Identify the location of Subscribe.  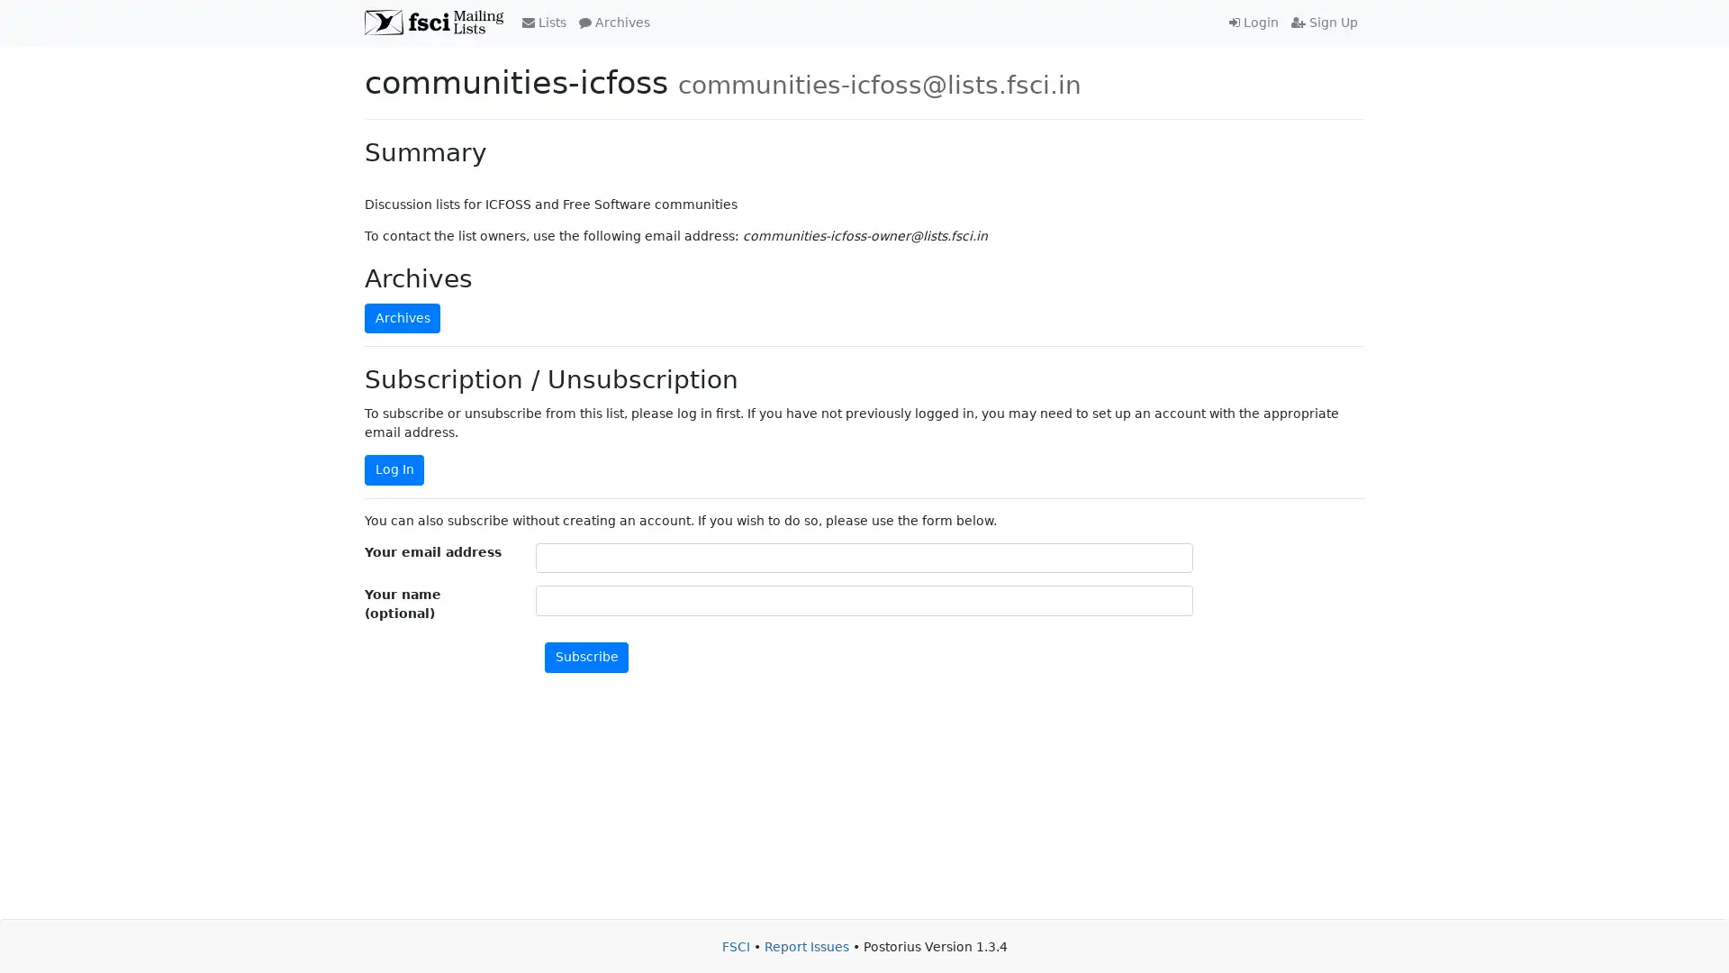
(586, 657).